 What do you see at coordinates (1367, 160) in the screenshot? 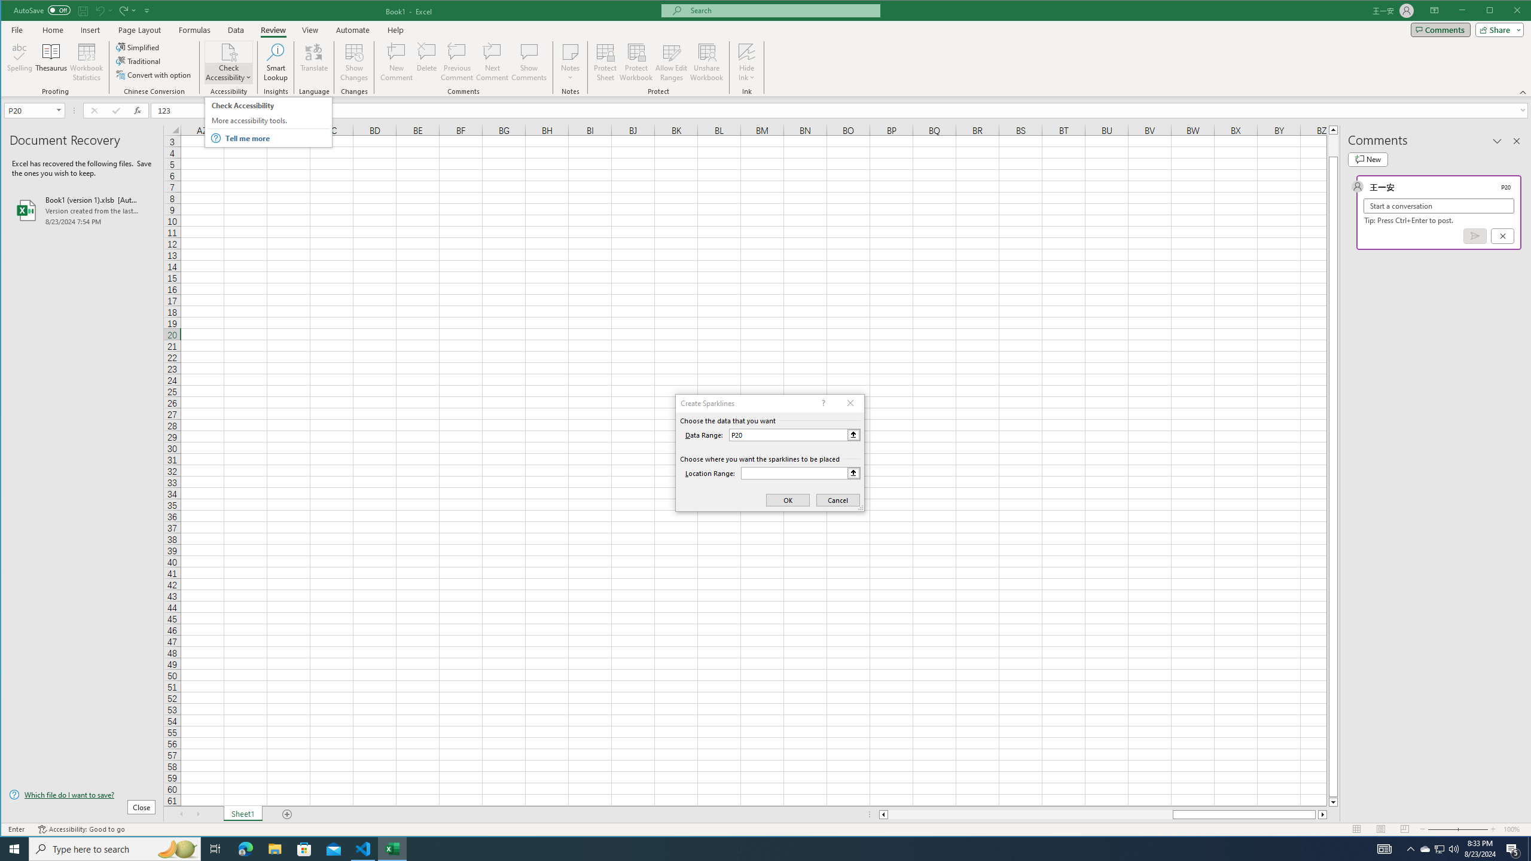
I see `'New comment'` at bounding box center [1367, 160].